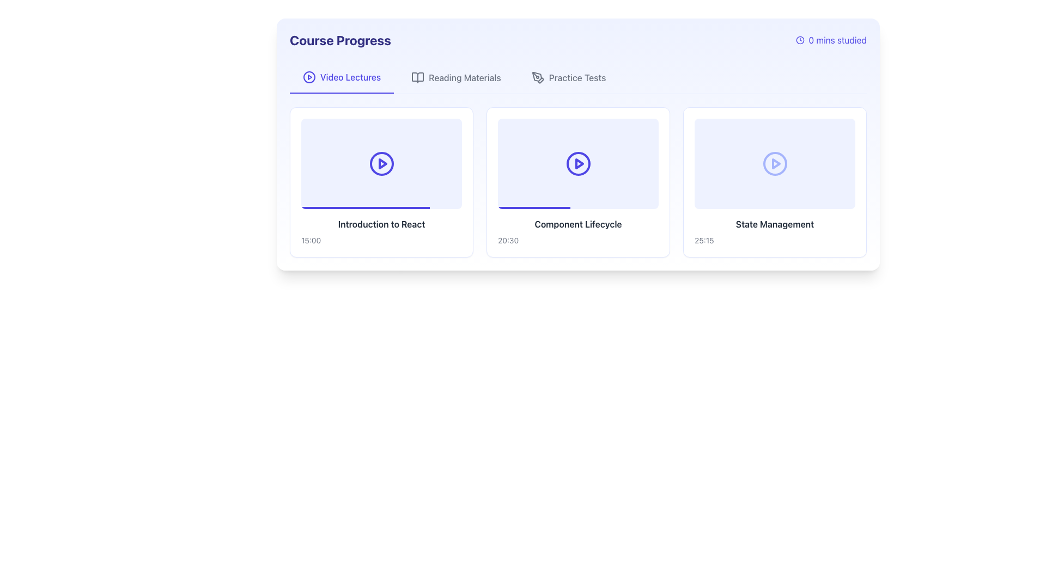  What do you see at coordinates (381, 223) in the screenshot?
I see `the text label reading 'Introduction to React', which is styled in bold dark gray and positioned beneath a progress bar in the first video card` at bounding box center [381, 223].